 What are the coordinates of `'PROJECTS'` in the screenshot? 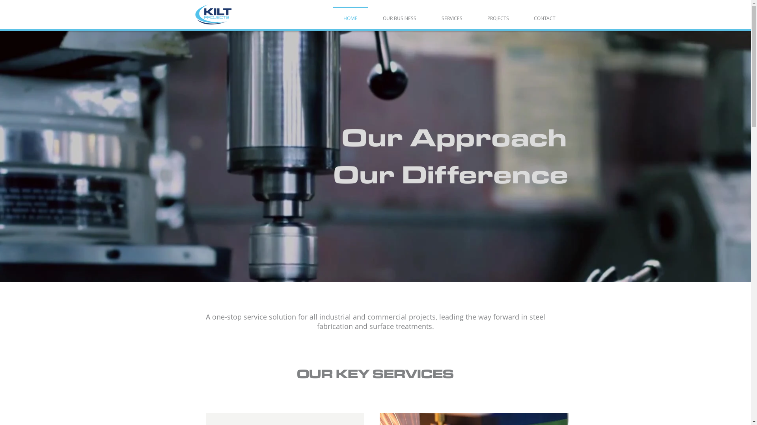 It's located at (497, 15).